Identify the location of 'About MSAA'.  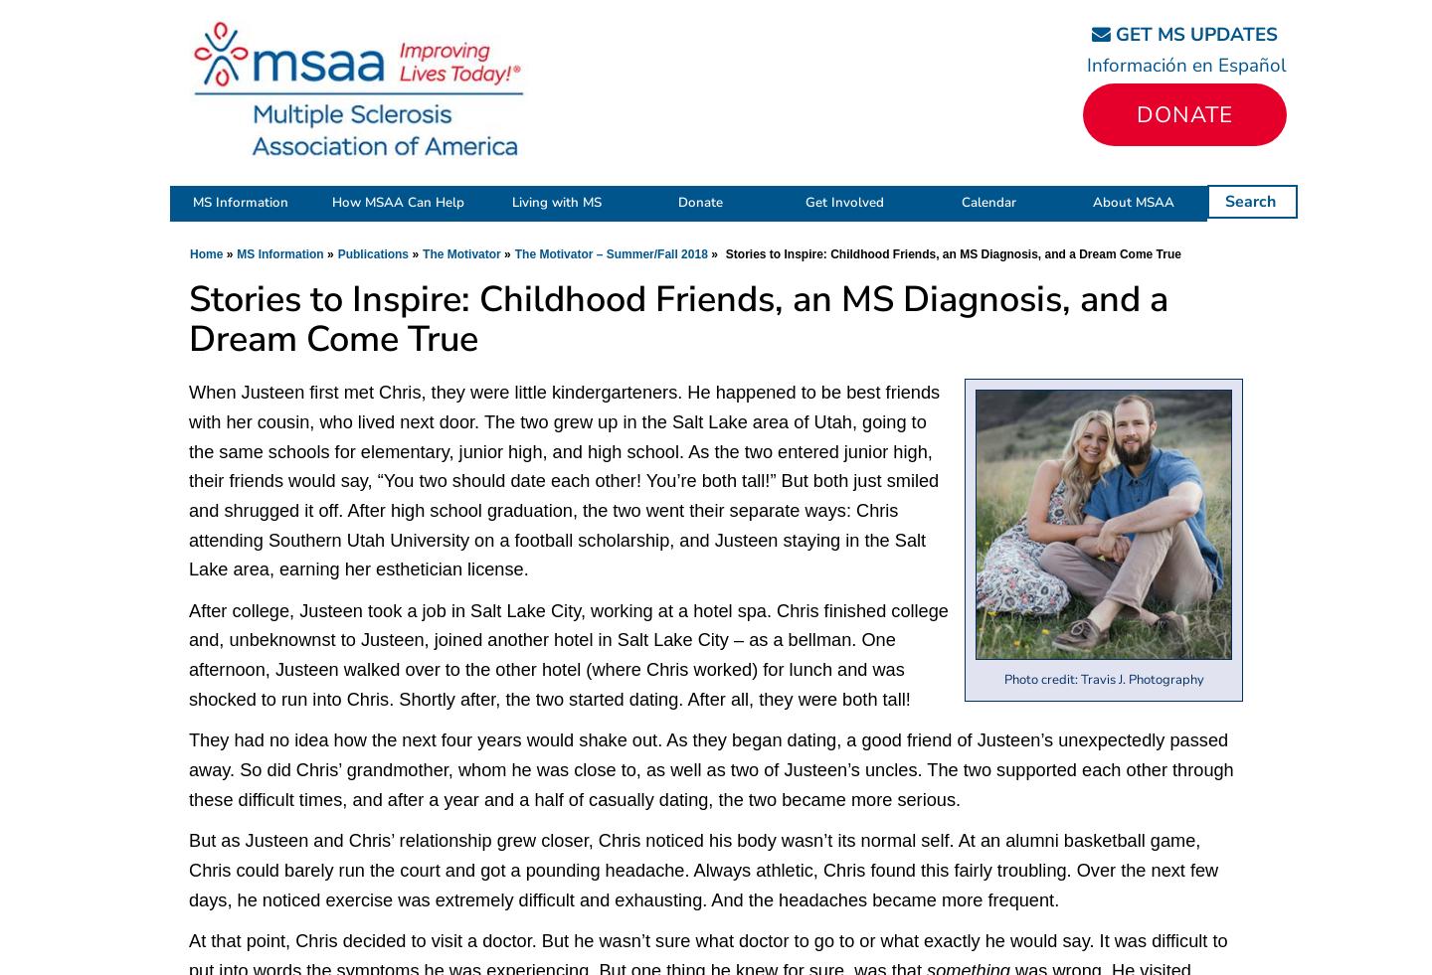
(1091, 202).